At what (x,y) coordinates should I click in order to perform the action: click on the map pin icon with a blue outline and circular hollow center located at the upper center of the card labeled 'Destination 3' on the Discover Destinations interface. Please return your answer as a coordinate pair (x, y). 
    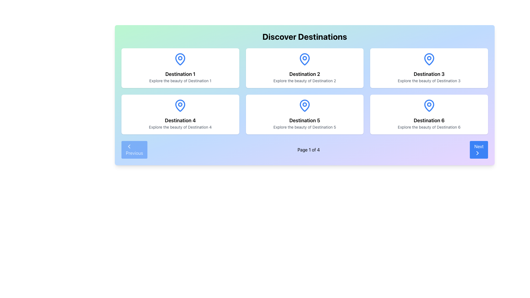
    Looking at the image, I should click on (429, 59).